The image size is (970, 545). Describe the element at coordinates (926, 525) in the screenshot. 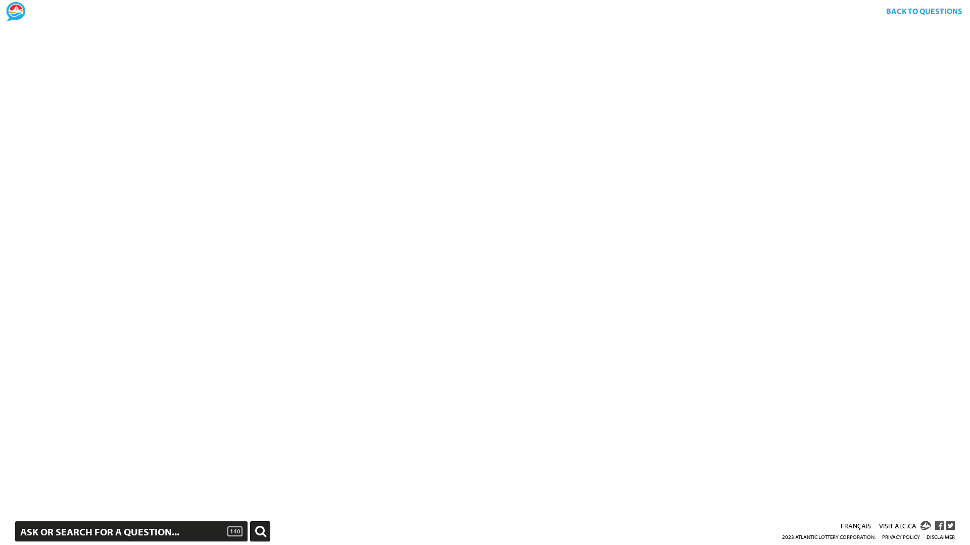

I see `'ALC.CA'` at that location.